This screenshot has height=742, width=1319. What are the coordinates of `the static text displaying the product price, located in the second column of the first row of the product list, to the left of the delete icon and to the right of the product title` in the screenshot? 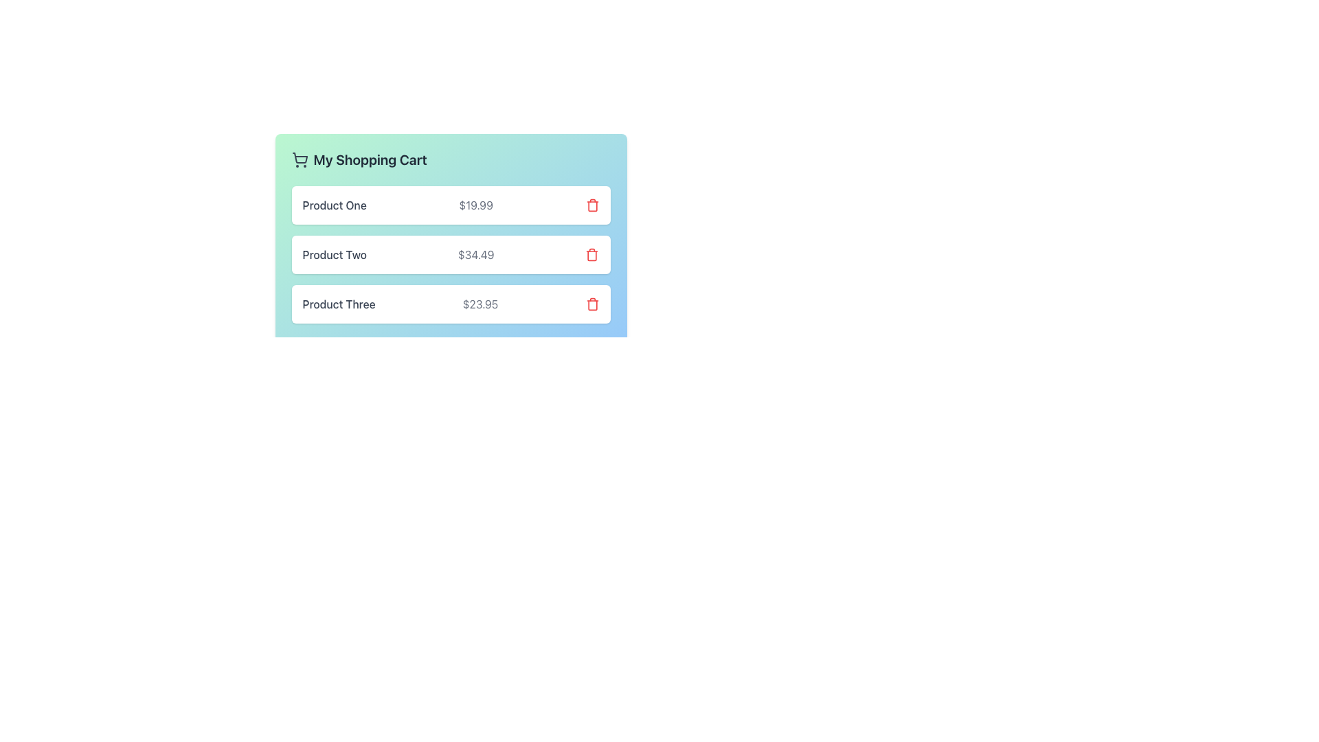 It's located at (476, 205).